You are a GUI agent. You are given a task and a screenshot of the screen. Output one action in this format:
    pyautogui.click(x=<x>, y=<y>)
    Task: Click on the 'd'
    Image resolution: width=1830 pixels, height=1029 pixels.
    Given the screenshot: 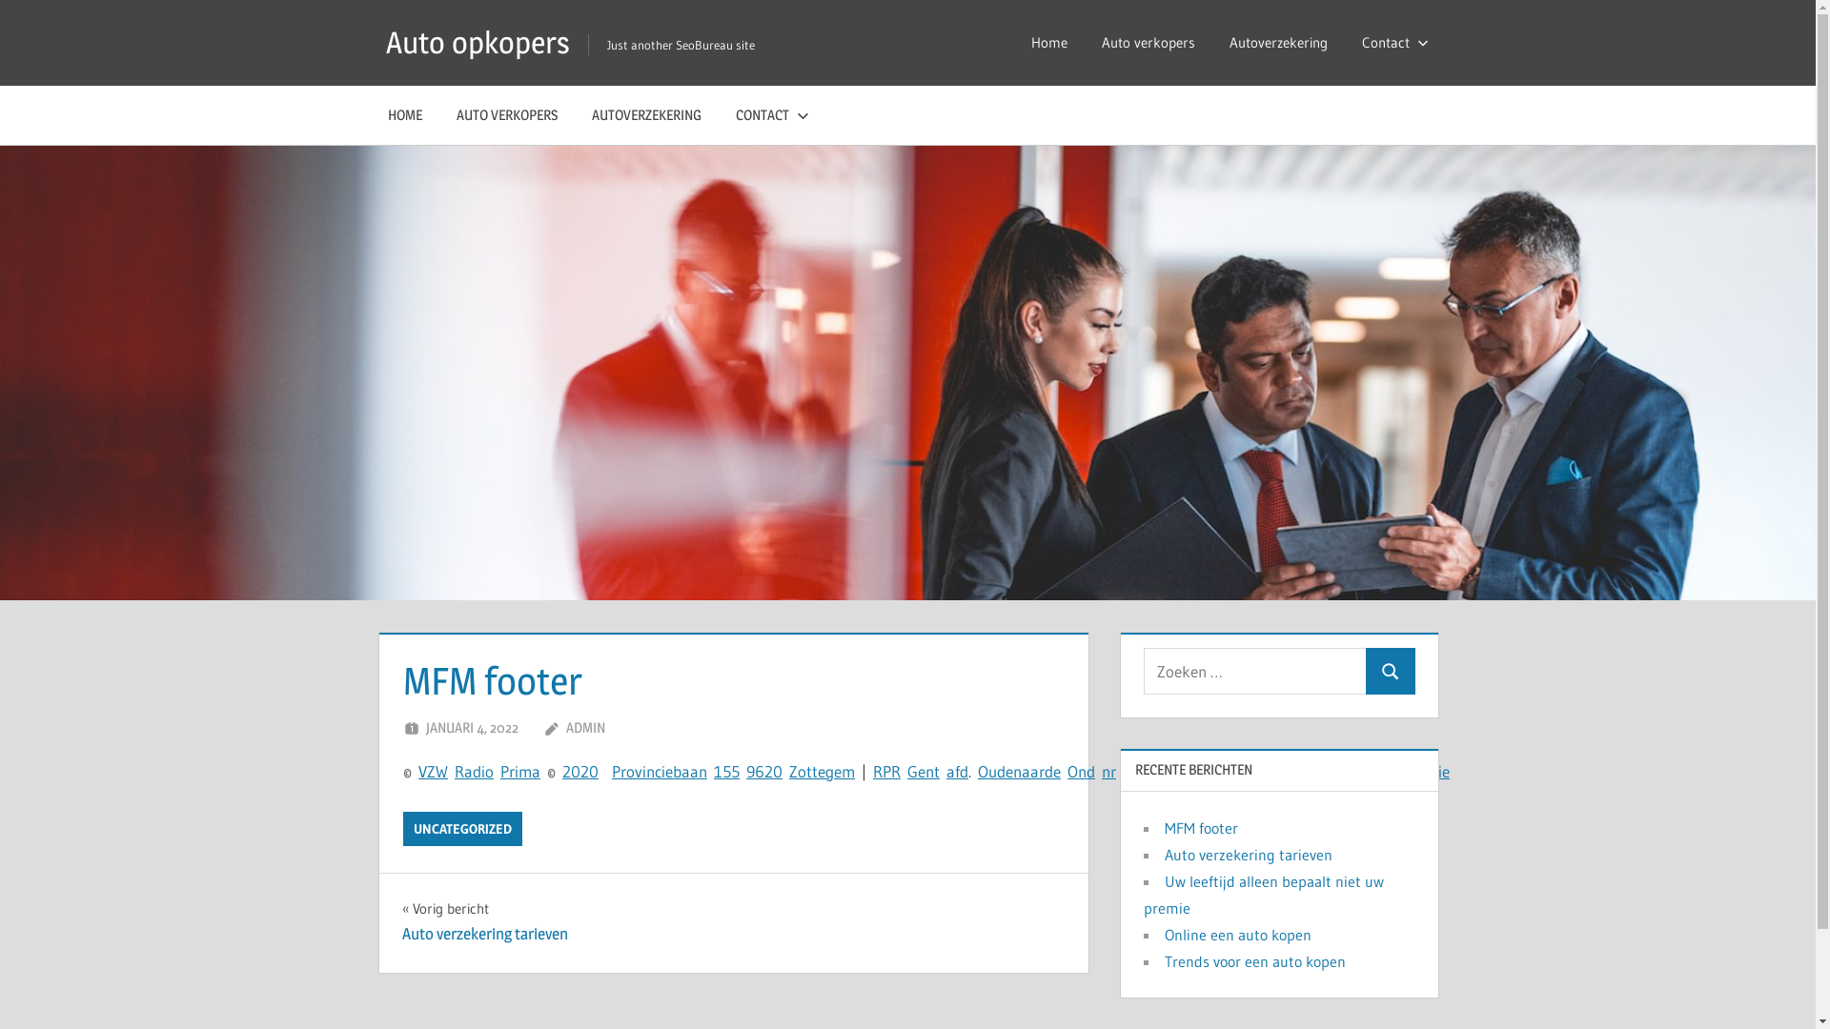 What is the action you would take?
    pyautogui.click(x=964, y=770)
    